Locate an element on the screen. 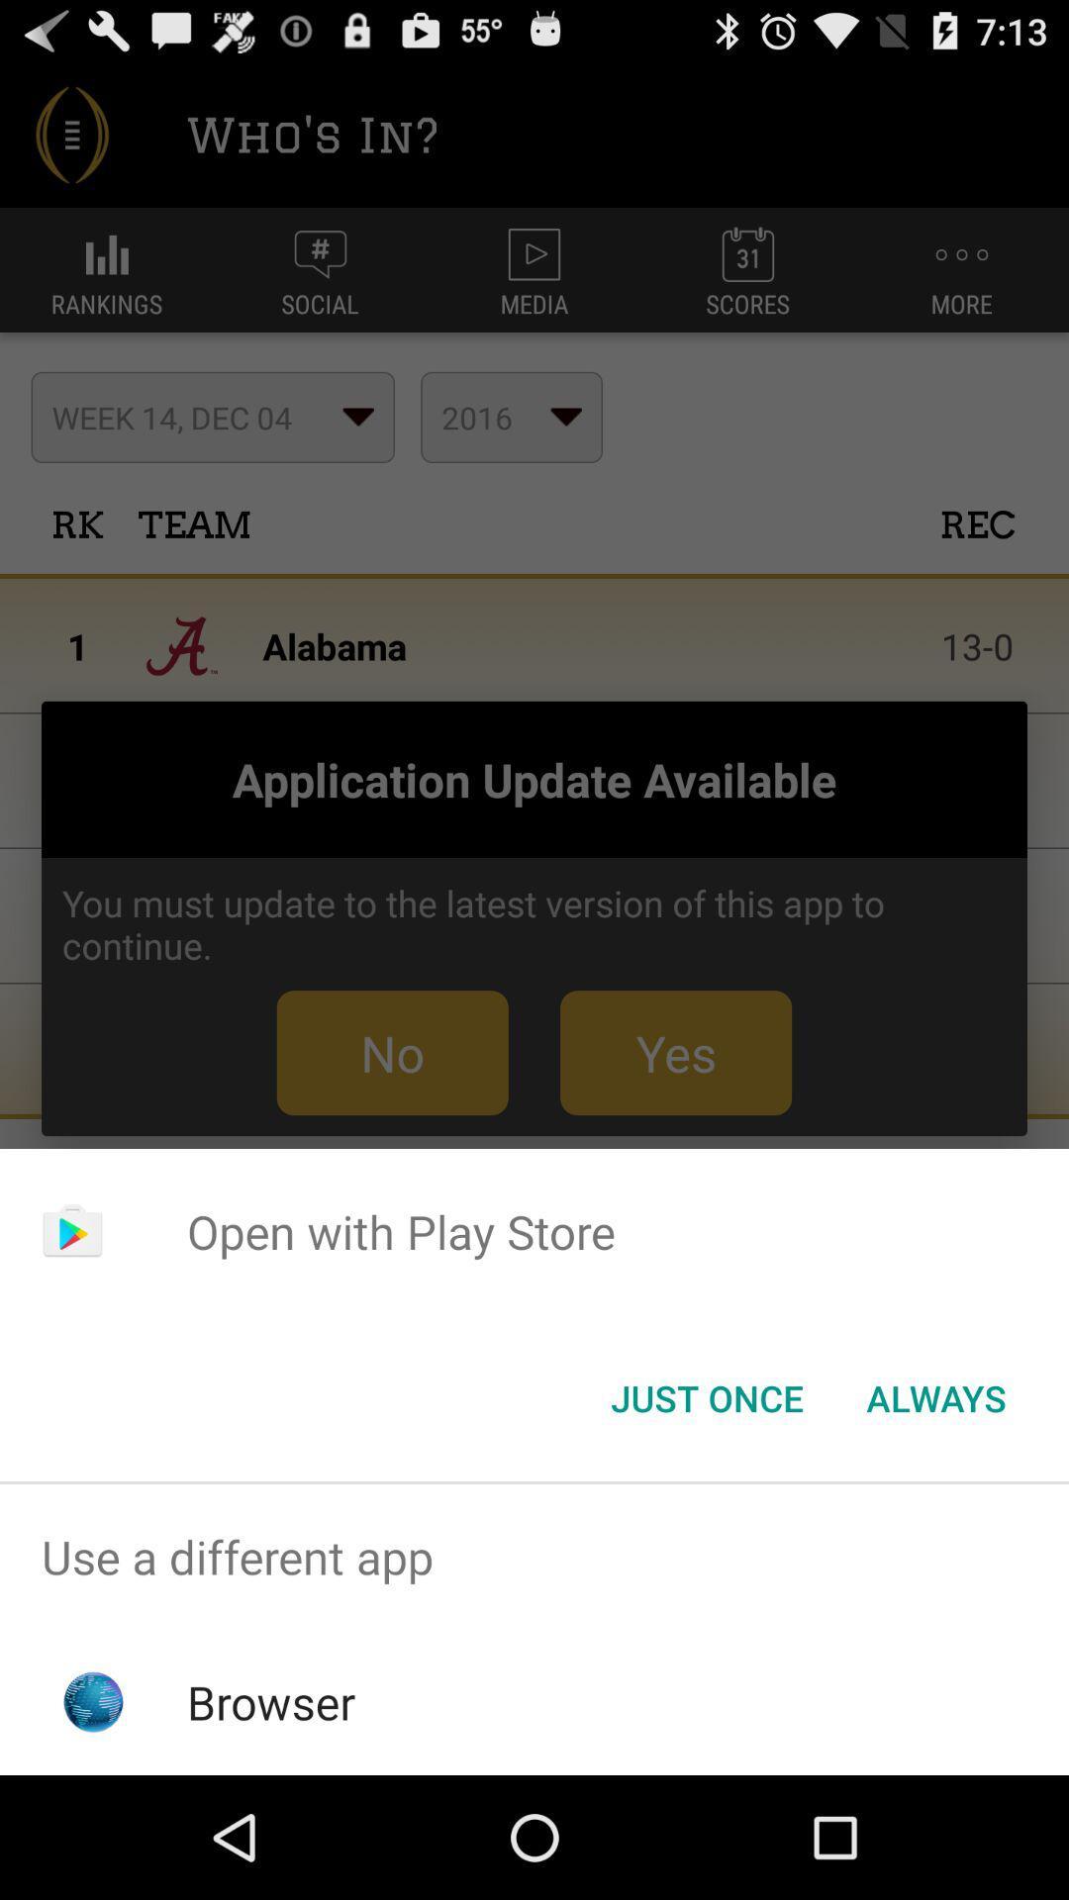 This screenshot has width=1069, height=1900. button next to the always item is located at coordinates (706, 1396).